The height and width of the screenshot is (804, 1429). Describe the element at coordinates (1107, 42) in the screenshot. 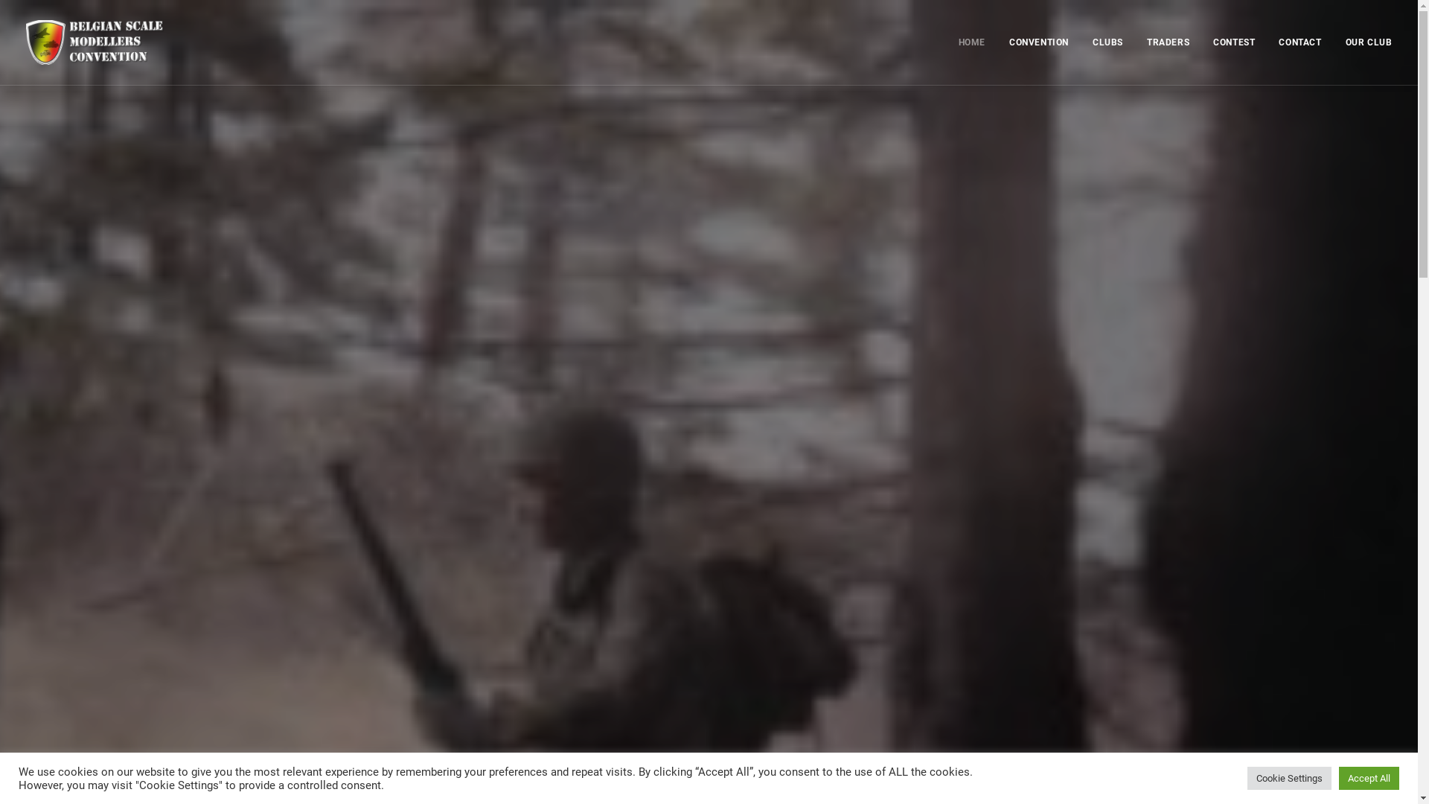

I see `'CLUBS'` at that location.